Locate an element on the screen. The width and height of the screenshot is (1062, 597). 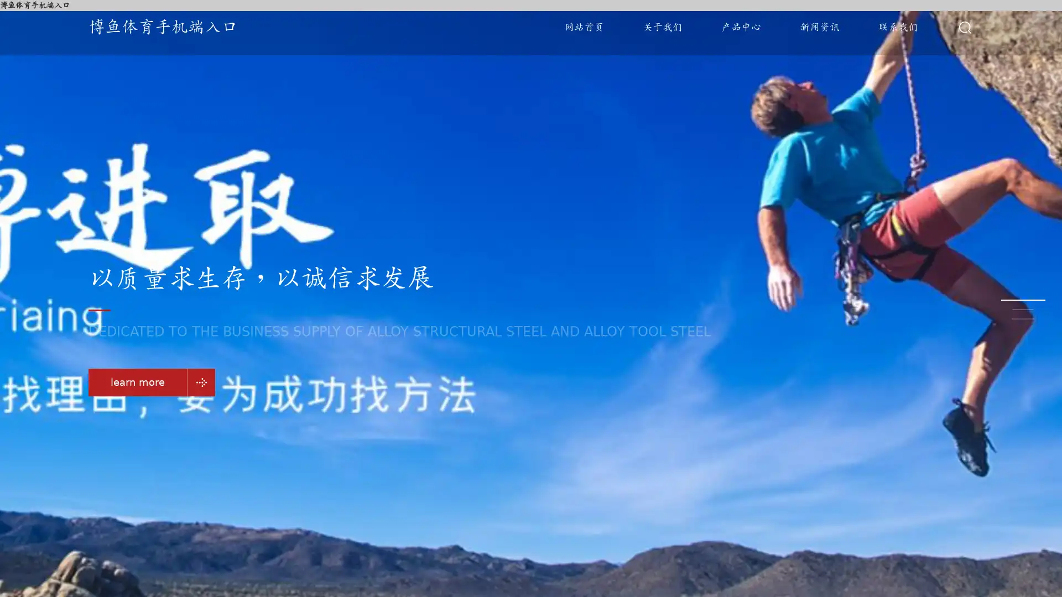
Go to slide 1 is located at coordinates (1022, 300).